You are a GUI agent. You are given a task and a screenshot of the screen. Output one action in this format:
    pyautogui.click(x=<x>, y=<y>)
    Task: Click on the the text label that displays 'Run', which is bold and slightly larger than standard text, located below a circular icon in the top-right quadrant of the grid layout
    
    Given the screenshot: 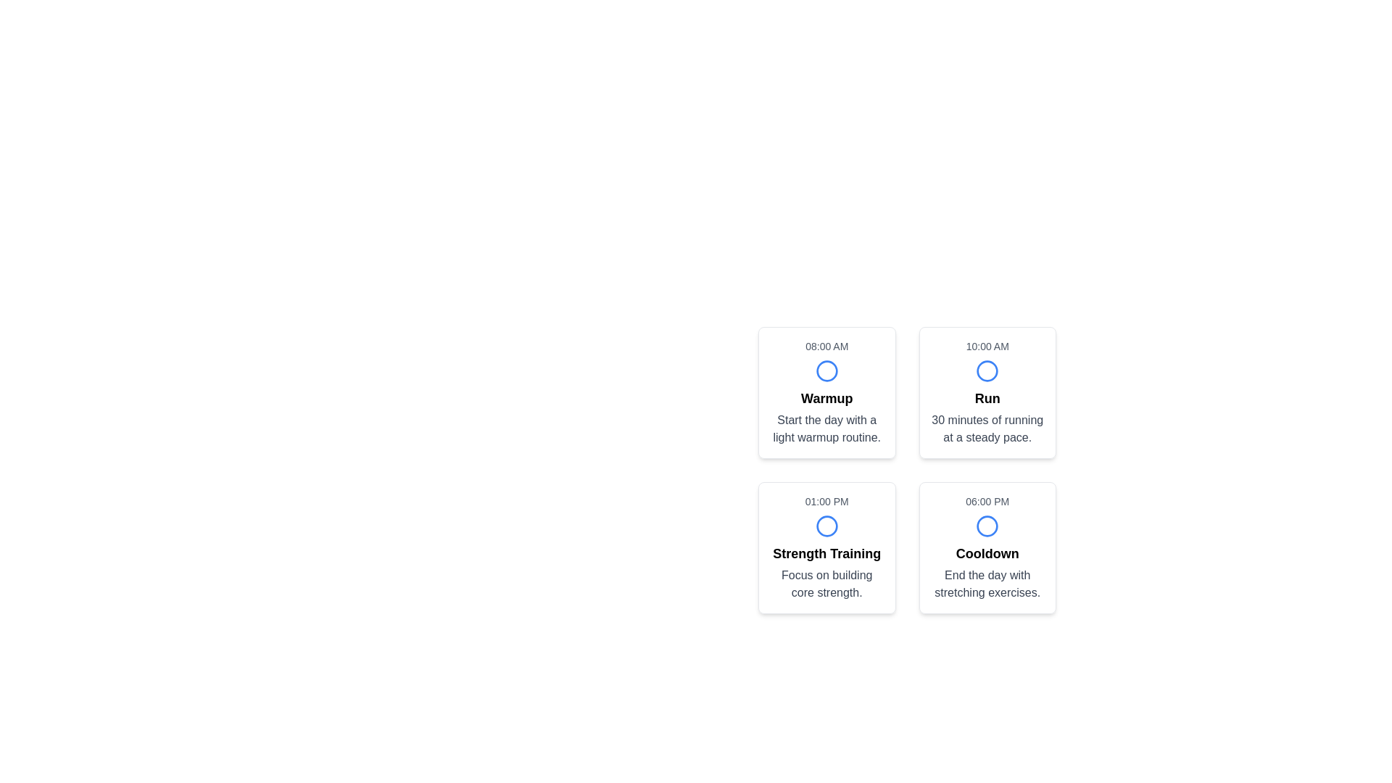 What is the action you would take?
    pyautogui.click(x=987, y=399)
    